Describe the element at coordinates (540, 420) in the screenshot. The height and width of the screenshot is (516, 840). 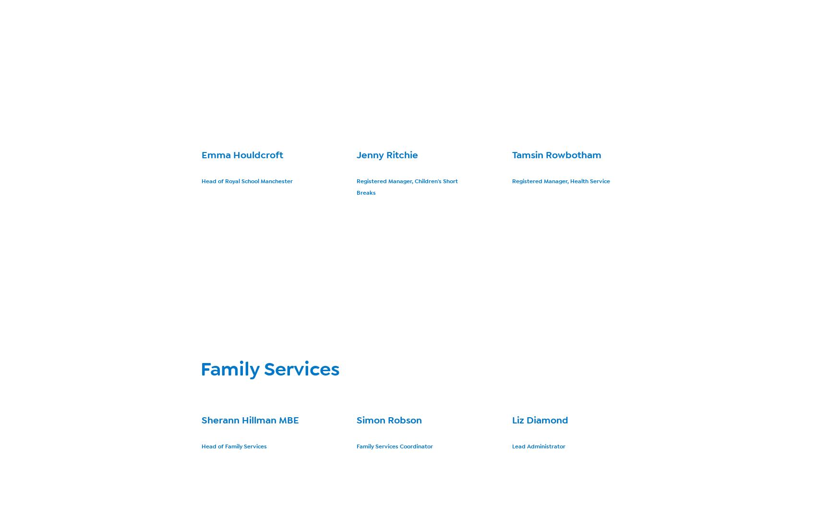
I see `'Liz Diamond'` at that location.